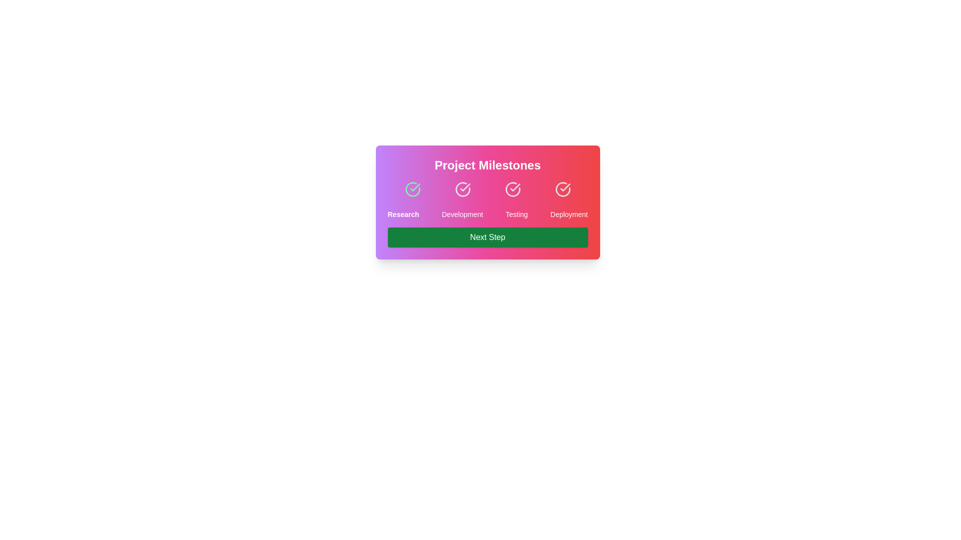 The image size is (961, 540). Describe the element at coordinates (569, 213) in the screenshot. I see `the text label that reads 'Deployment', which is styled in white text on a red background and is the rightmost item in a row of four similar text elements` at that location.